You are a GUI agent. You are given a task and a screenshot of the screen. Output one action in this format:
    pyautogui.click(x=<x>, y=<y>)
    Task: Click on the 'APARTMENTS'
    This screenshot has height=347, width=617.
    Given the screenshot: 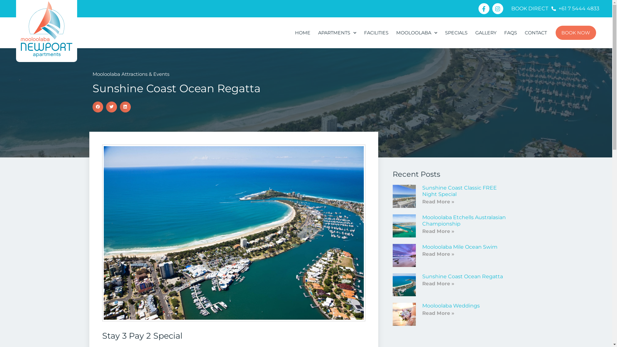 What is the action you would take?
    pyautogui.click(x=314, y=32)
    